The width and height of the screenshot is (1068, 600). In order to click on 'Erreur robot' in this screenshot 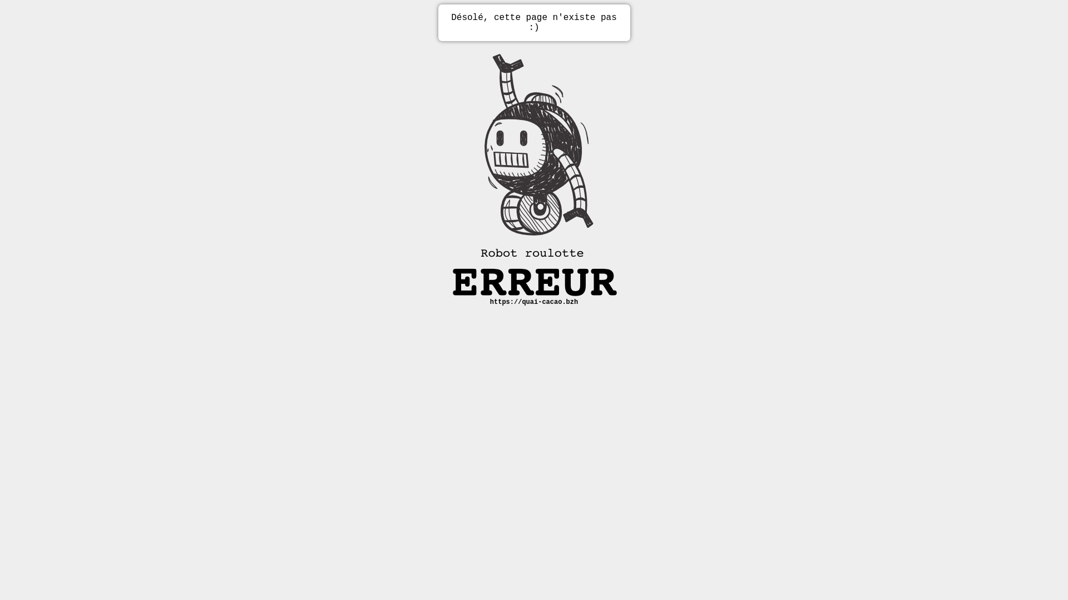, I will do `click(534, 169)`.